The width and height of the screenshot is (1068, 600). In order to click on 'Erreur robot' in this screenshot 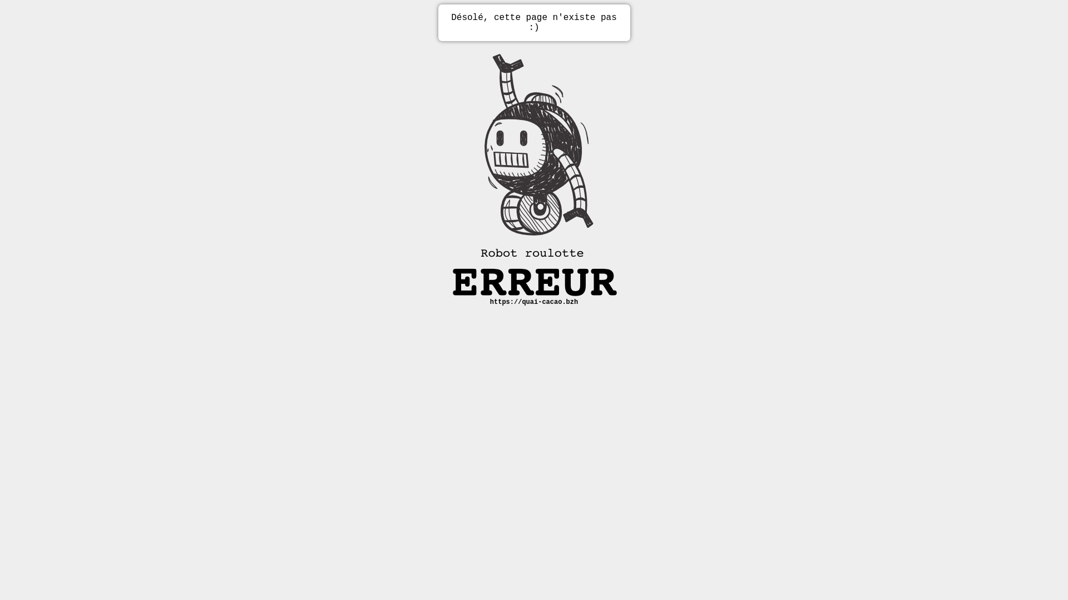, I will do `click(534, 169)`.